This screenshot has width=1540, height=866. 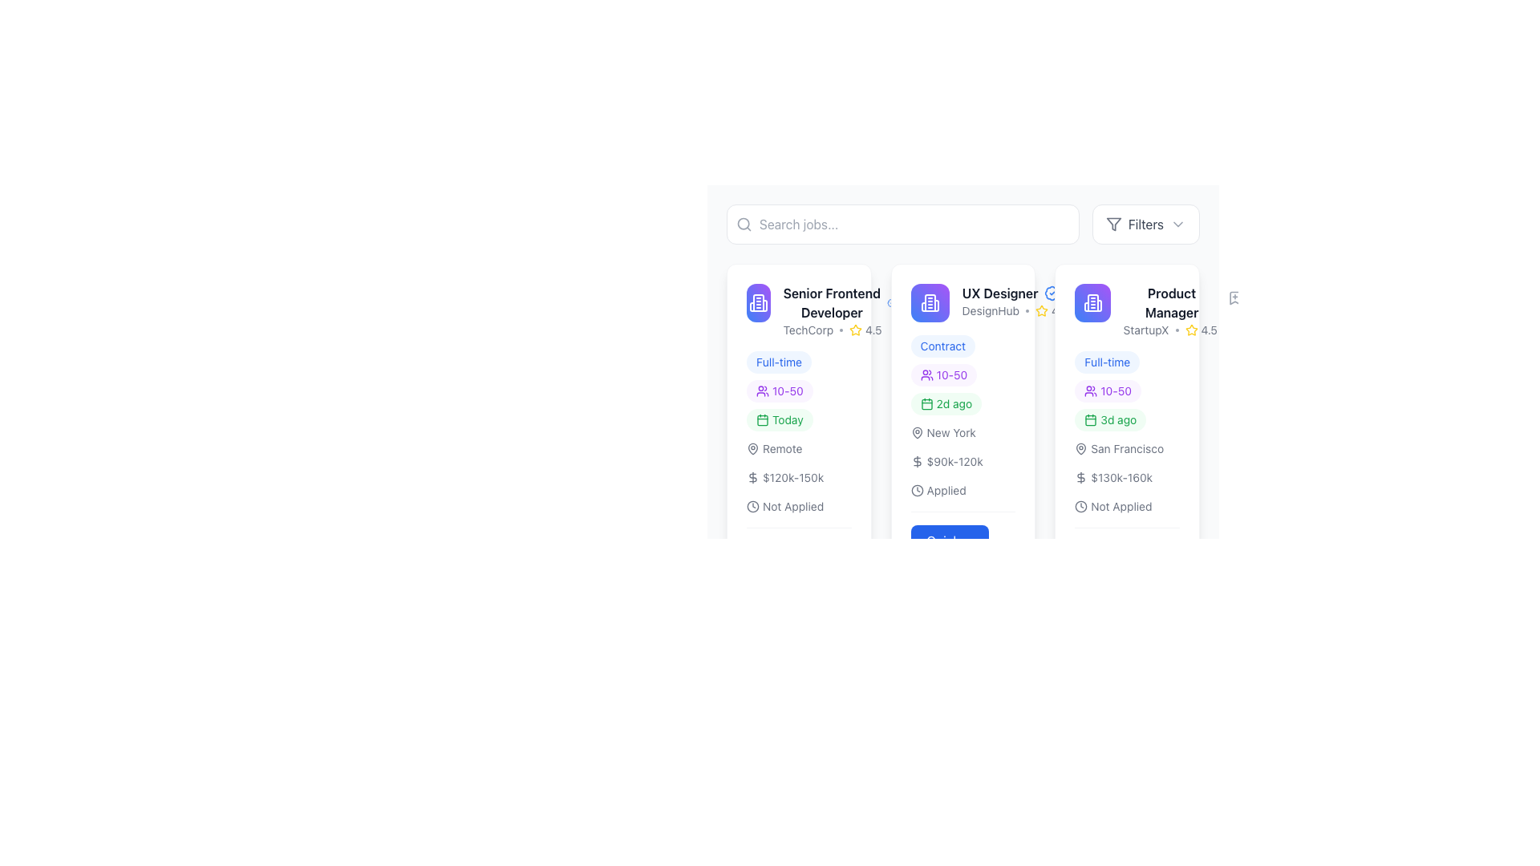 What do you see at coordinates (962, 461) in the screenshot?
I see `the informational text group displaying 'New York', '$90k-120k', and 'Applied'` at bounding box center [962, 461].